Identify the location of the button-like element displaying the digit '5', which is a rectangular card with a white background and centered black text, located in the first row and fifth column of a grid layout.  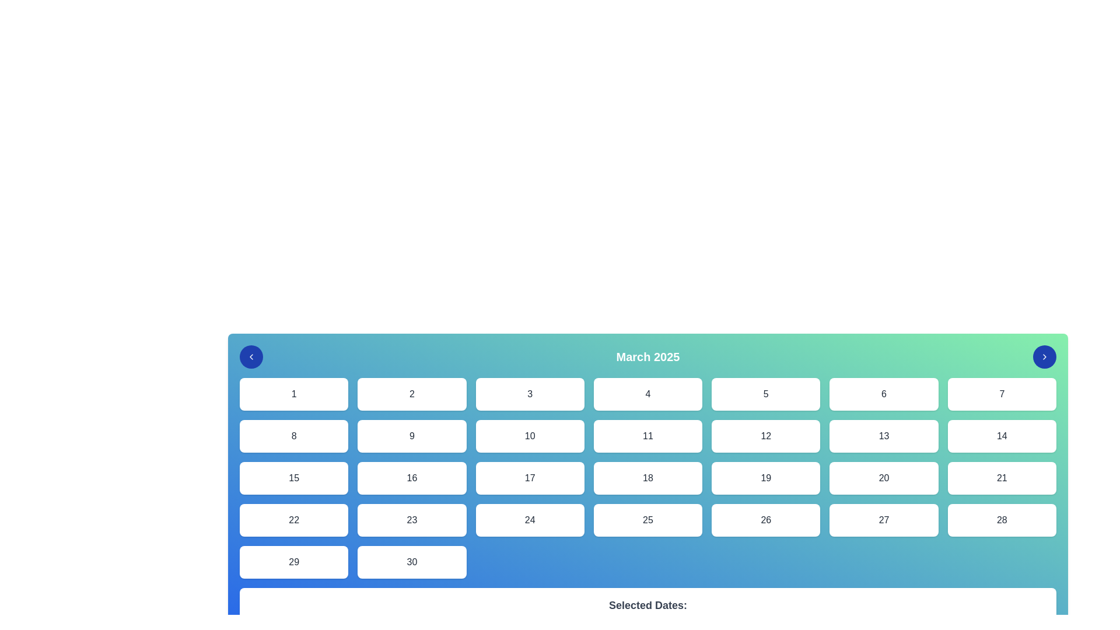
(766, 394).